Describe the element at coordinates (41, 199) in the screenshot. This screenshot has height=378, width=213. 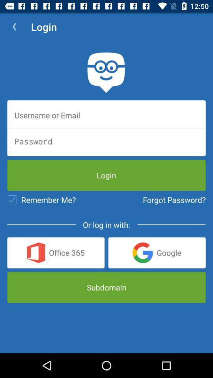
I see `icon to the left of forgot password? item` at that location.